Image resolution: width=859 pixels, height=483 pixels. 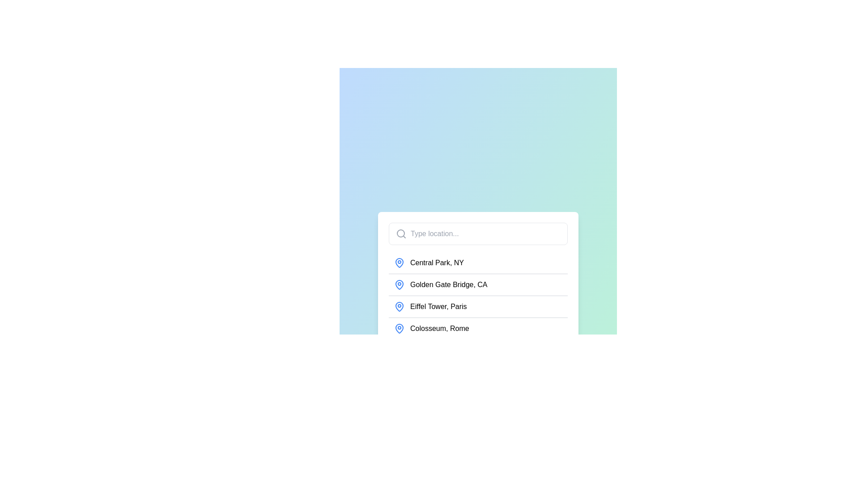 I want to click on the blue pin icon associated with the location 'Golden Gate Bridge, CA' in the list of locations, so click(x=399, y=284).